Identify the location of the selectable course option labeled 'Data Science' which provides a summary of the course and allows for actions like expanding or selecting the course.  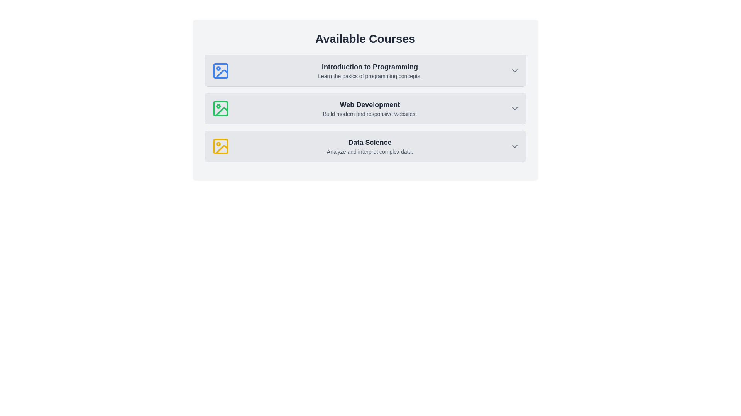
(365, 146).